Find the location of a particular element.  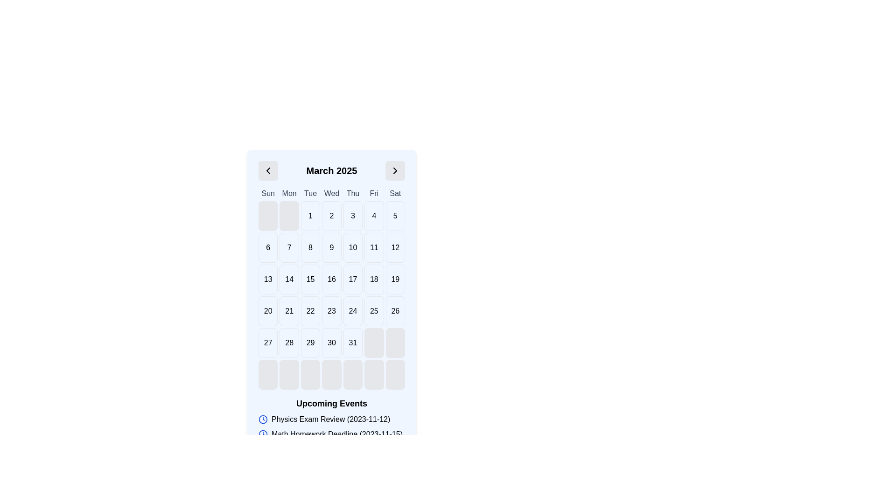

the square button displaying the number '15' located under the title 'March 2025' in the third row and fifth column of the calendar grid is located at coordinates (310, 279).